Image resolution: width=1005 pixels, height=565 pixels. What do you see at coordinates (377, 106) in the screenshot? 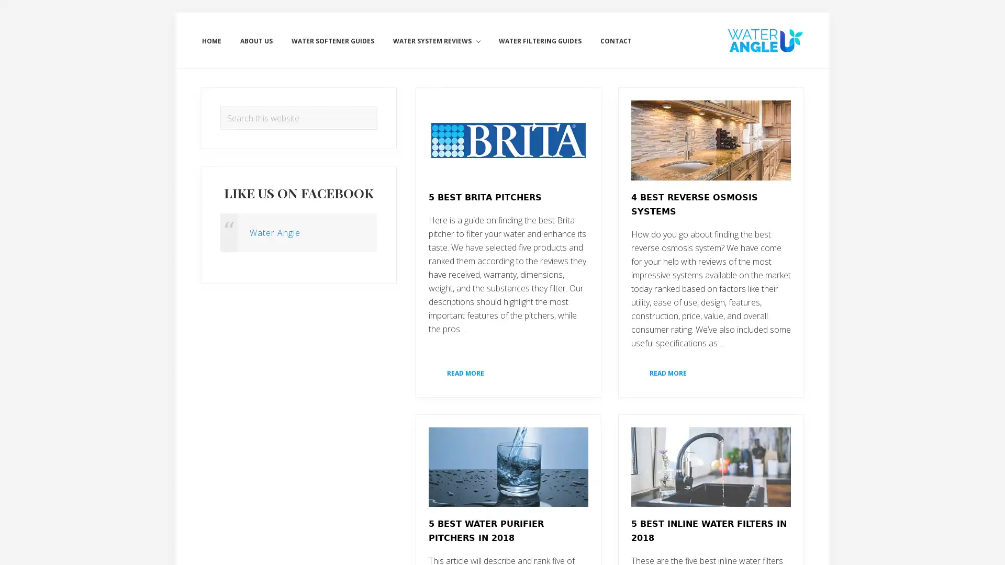
I see `Search` at bounding box center [377, 106].